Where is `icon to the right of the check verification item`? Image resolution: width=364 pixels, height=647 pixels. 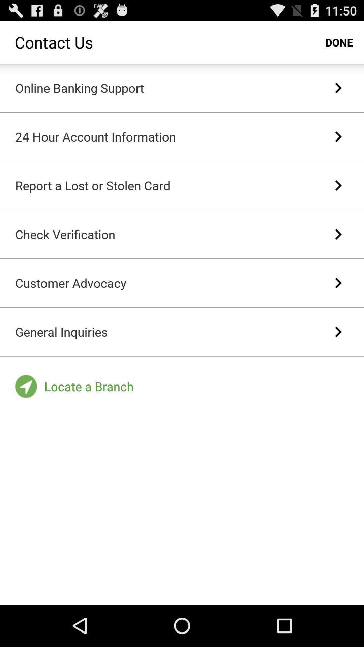 icon to the right of the check verification item is located at coordinates (338, 234).